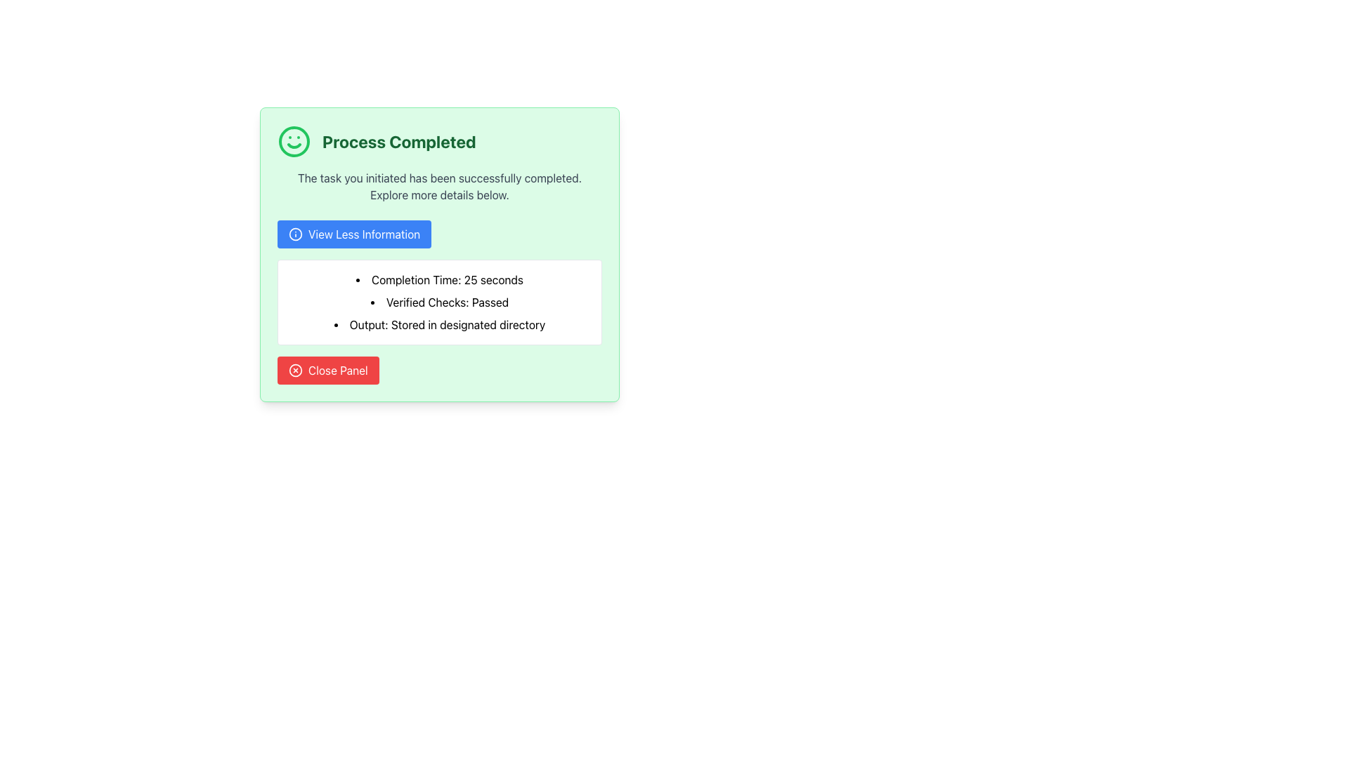 The image size is (1349, 758). What do you see at coordinates (398, 141) in the screenshot?
I see `the bold text block saying 'Process Completed' styled in dark green, located at the top-center of a light green panel` at bounding box center [398, 141].